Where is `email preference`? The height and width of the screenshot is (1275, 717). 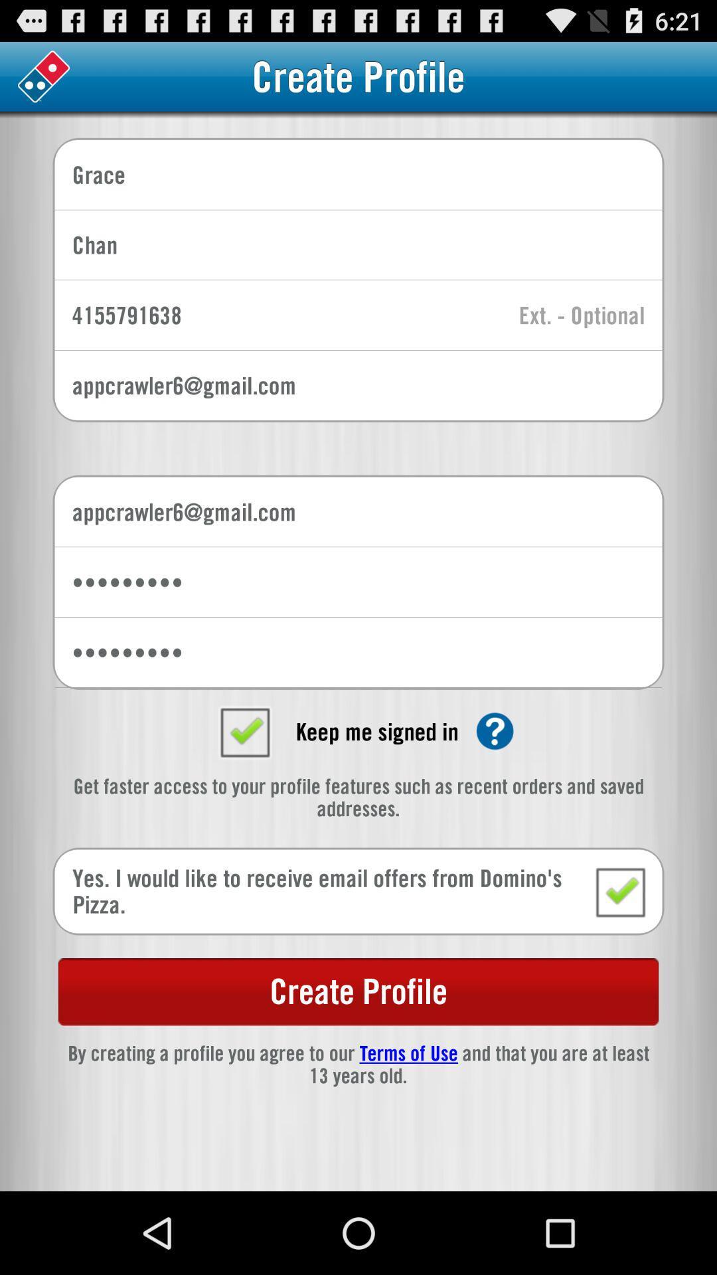 email preference is located at coordinates (620, 891).